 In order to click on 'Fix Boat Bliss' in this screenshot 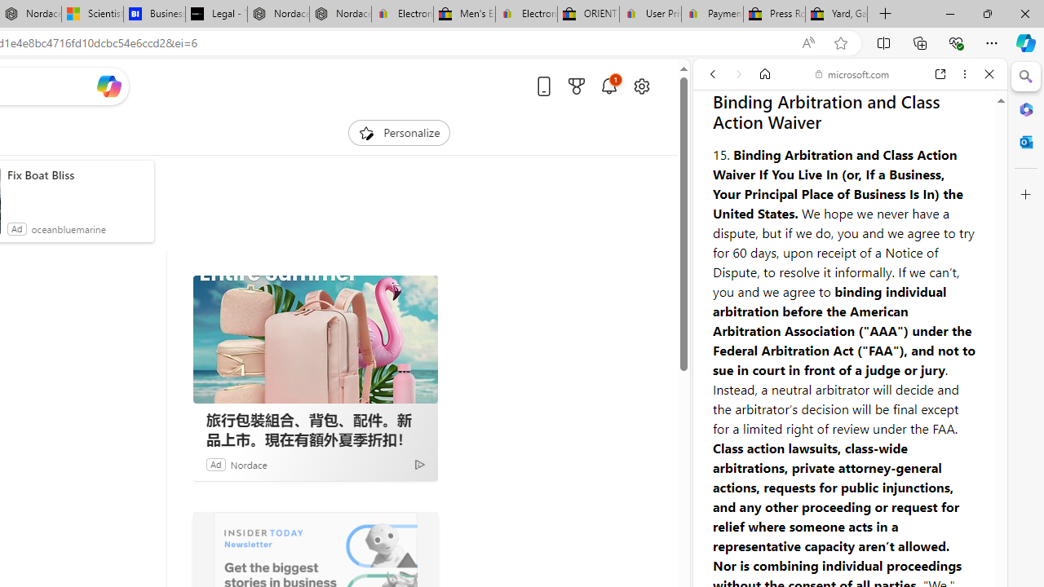, I will do `click(76, 174)`.